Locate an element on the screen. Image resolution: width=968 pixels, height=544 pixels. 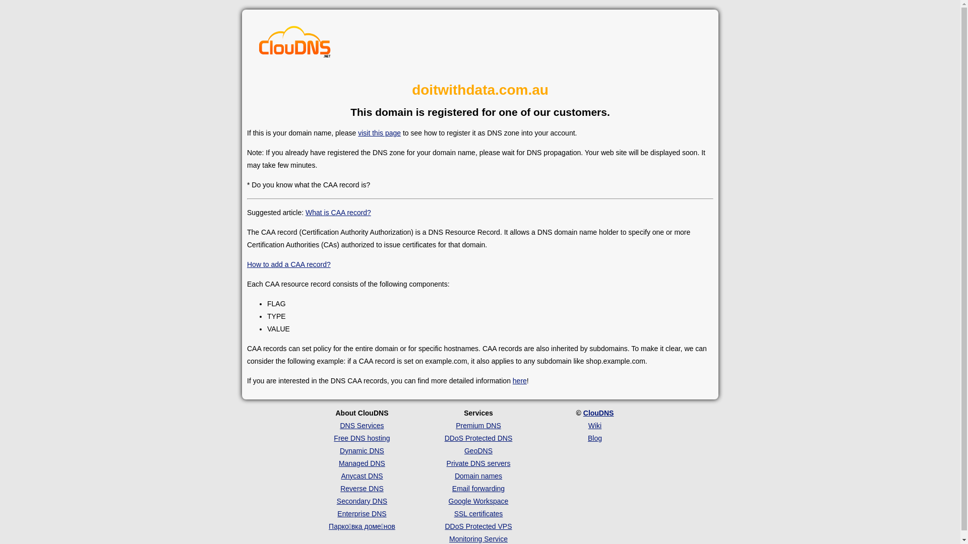
'Wiki' is located at coordinates (595, 425).